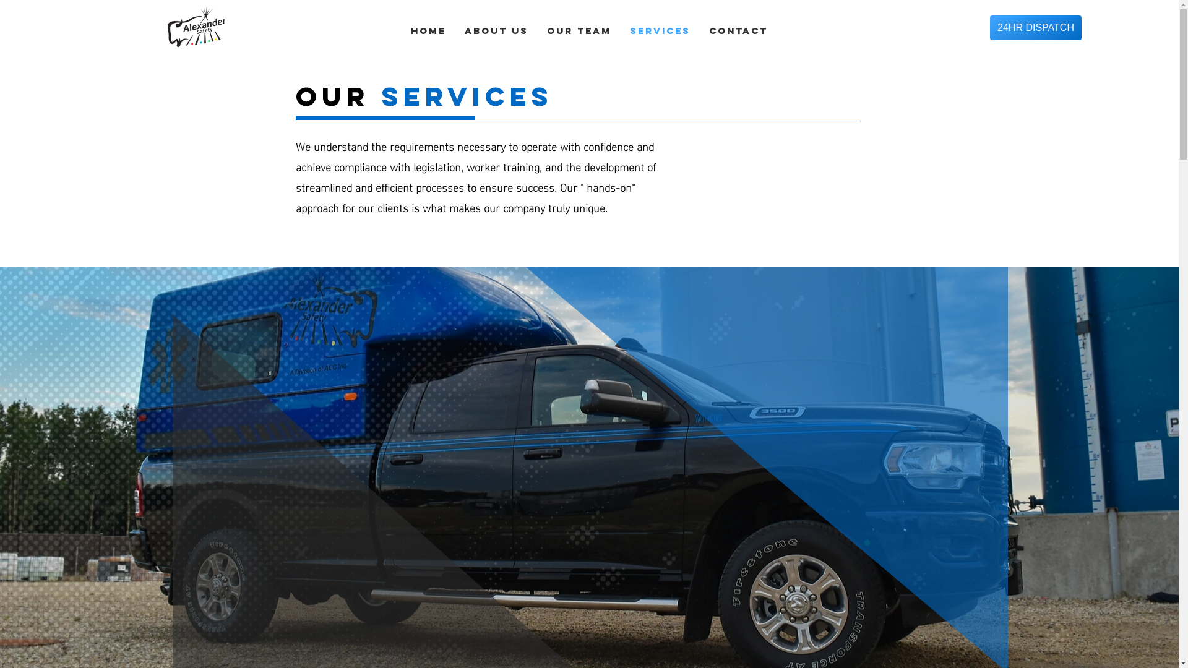  I want to click on 'OUR TEAM', so click(579, 30).